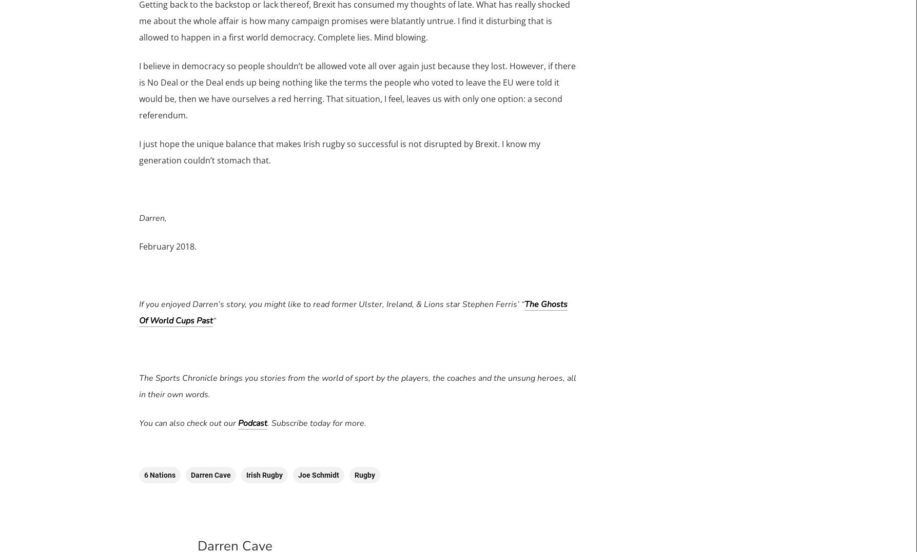 The image size is (917, 552). Describe the element at coordinates (138, 89) in the screenshot. I see `'I believe in democracy so people shouldn’t be allowed vote all over again just because they lost. However, if there is No Deal or the Deal ends up being nothing like the terms the people who voted to leave the EU were told it would be, then we have ourselves a red herring. That situation, I feel, leaves us with only one option: a second referendum.'` at that location.